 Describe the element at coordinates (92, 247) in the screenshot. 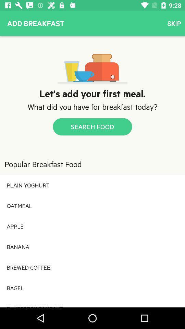

I see `banana icon` at that location.